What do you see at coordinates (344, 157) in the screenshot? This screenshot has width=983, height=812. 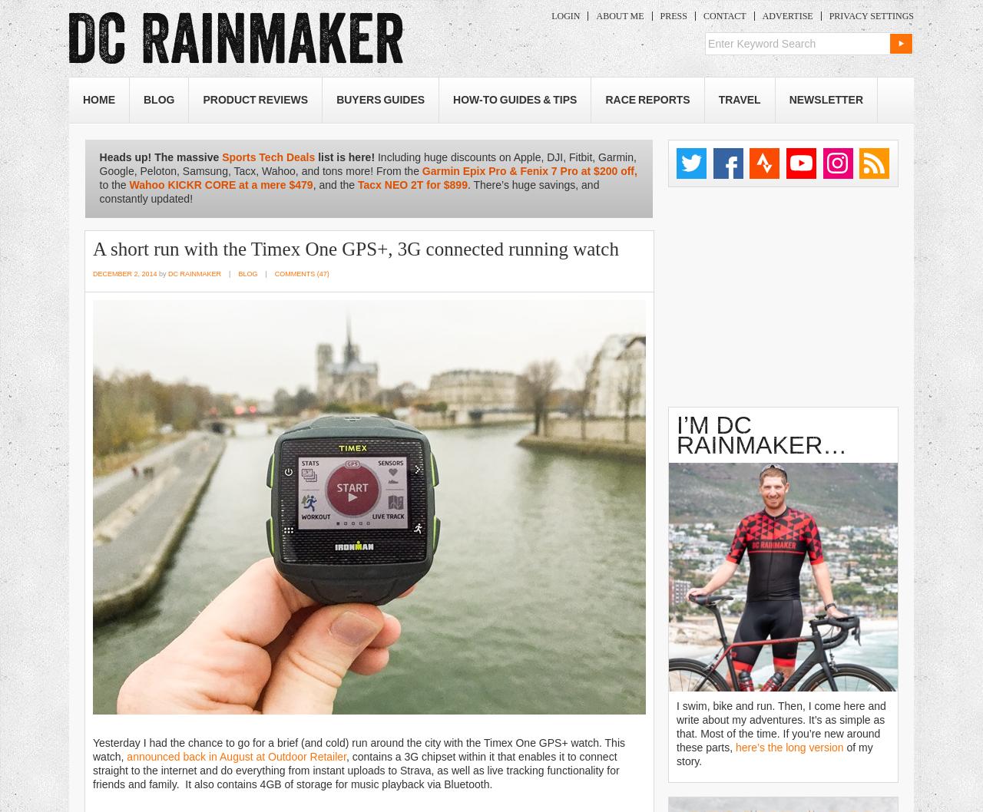 I see `'list is here!'` at bounding box center [344, 157].